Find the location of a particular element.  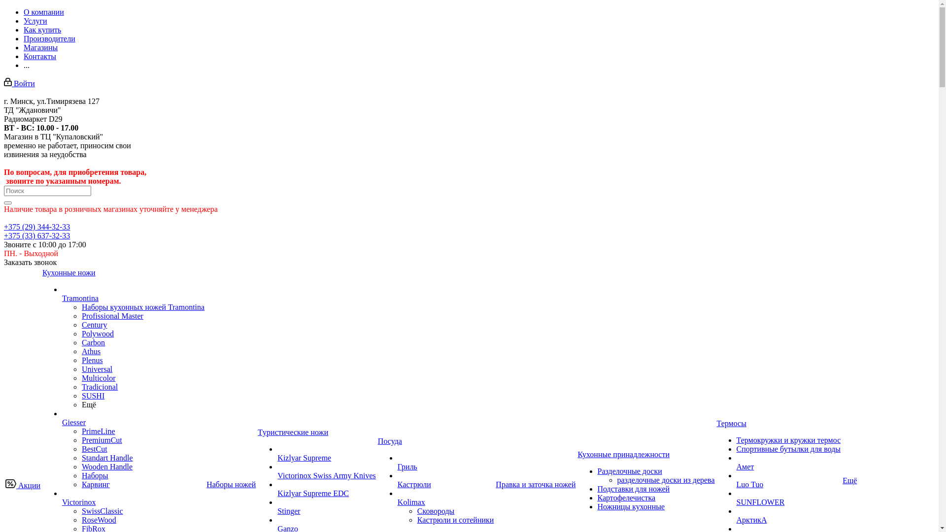

'Standart Handle' is located at coordinates (107, 458).